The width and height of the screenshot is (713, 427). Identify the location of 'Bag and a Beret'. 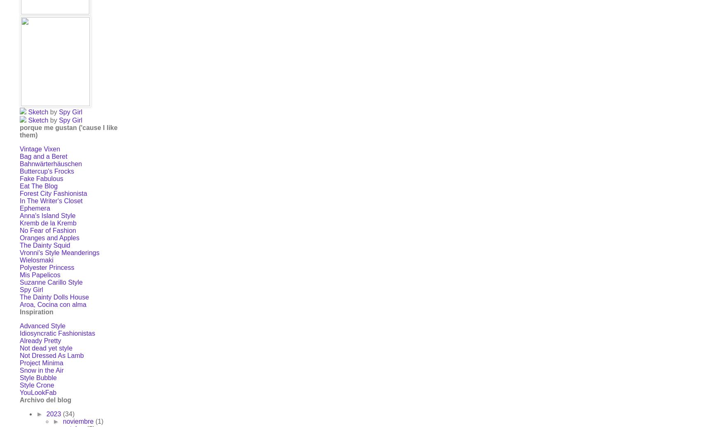
(43, 156).